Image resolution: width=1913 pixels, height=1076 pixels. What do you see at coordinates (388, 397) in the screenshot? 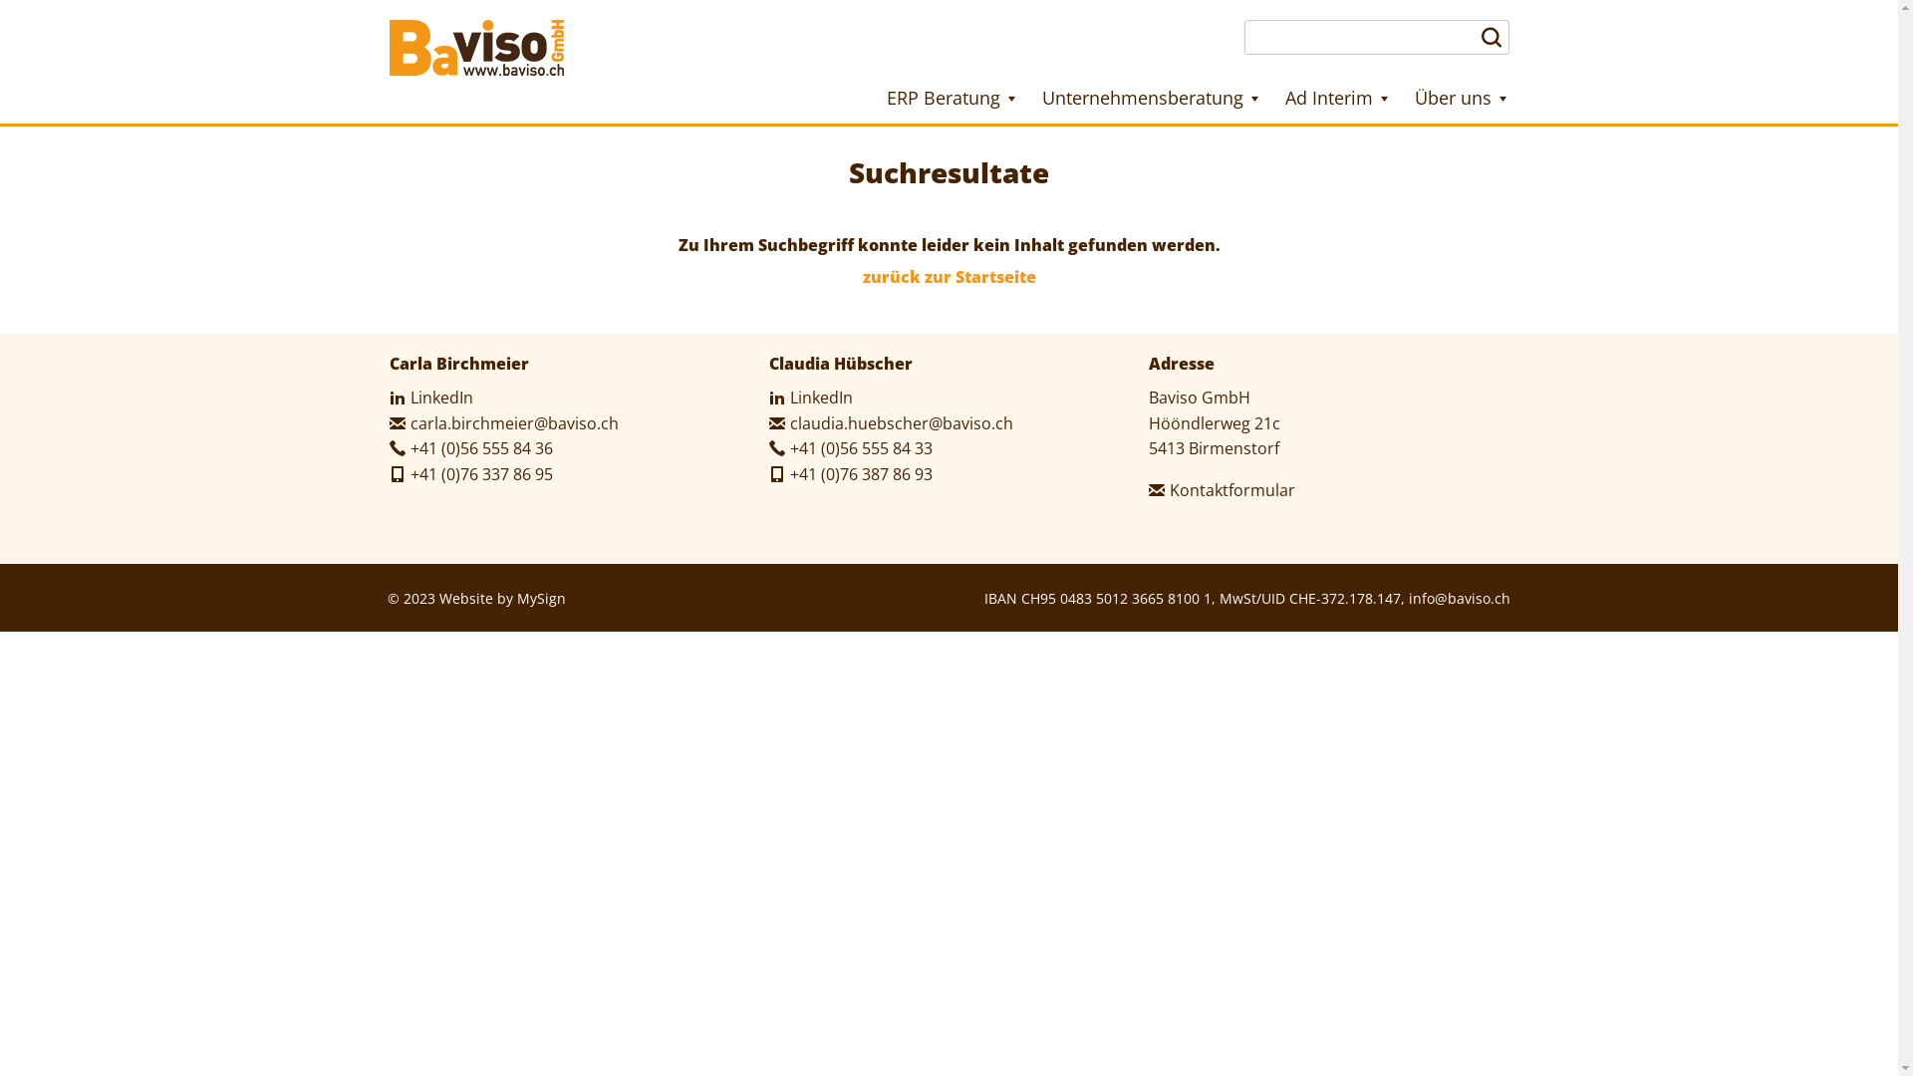
I see `'LinkedIn'` at bounding box center [388, 397].